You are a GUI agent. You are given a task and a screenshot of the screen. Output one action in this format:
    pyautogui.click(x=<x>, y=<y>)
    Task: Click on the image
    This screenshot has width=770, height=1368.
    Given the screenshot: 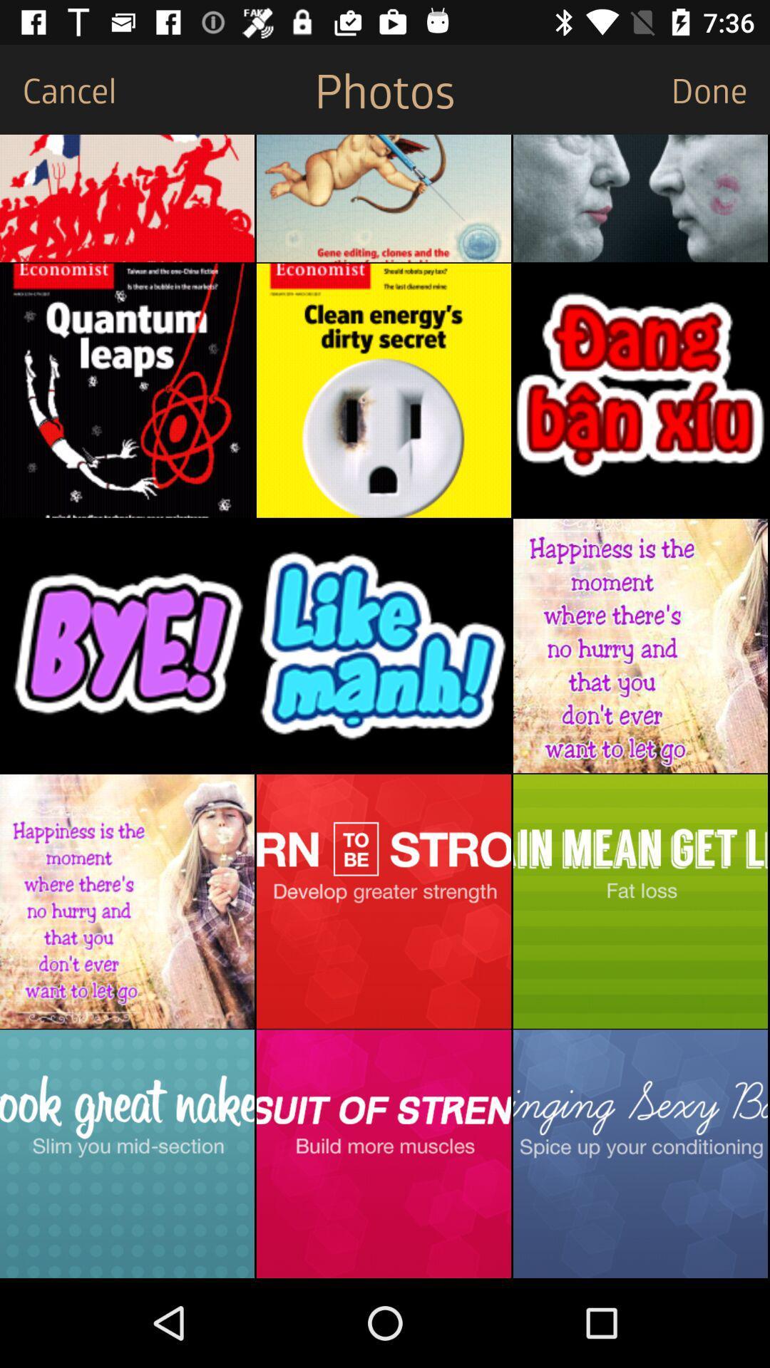 What is the action you would take?
    pyautogui.click(x=383, y=1154)
    